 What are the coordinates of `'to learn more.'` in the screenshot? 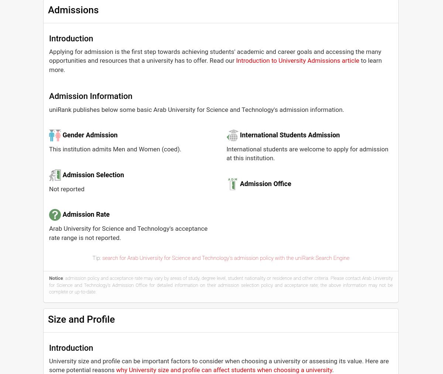 It's located at (215, 65).